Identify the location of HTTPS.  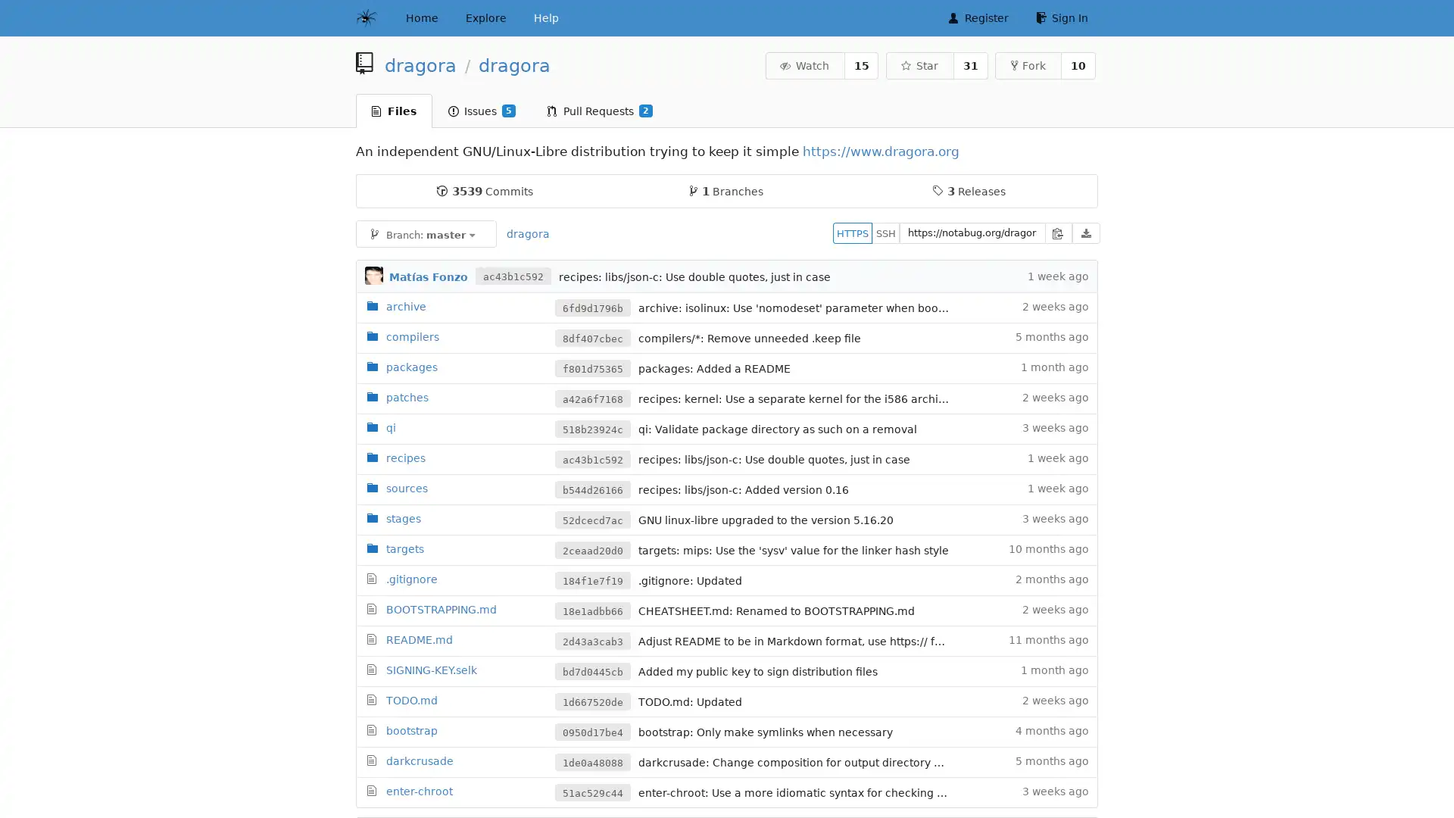
(853, 233).